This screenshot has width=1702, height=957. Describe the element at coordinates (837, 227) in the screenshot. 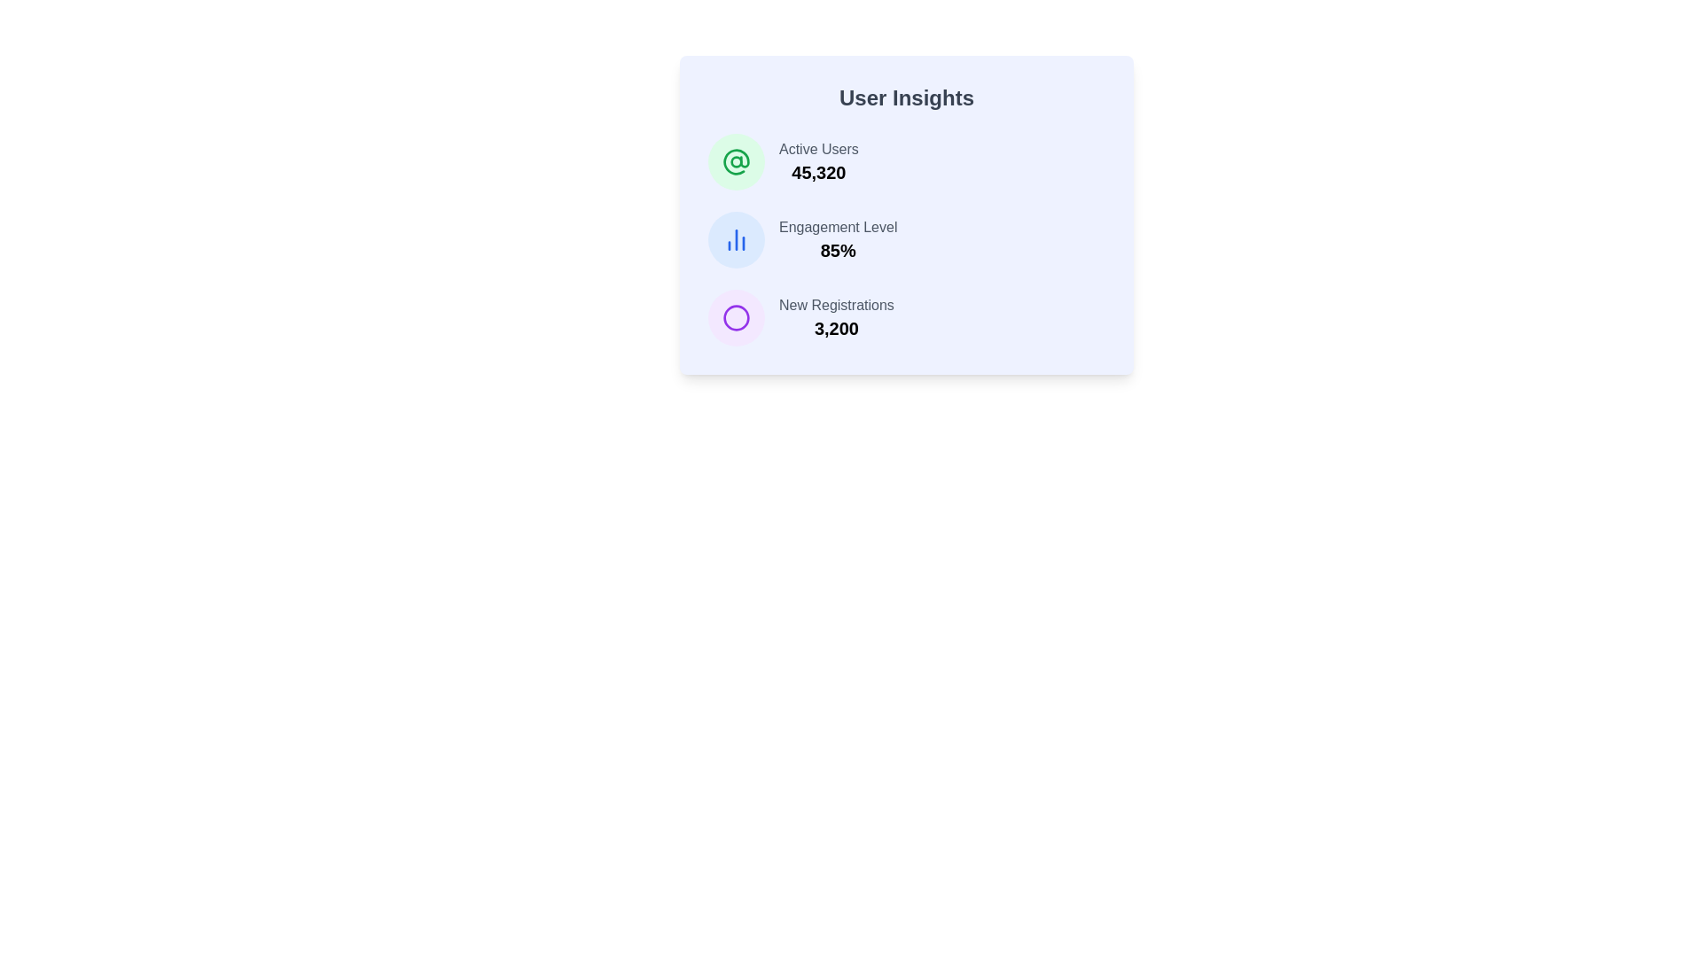

I see `the 'Engagement Level' text label, which is styled in gray and located in the 'User Insights' panel, positioned above the '85%' text` at that location.